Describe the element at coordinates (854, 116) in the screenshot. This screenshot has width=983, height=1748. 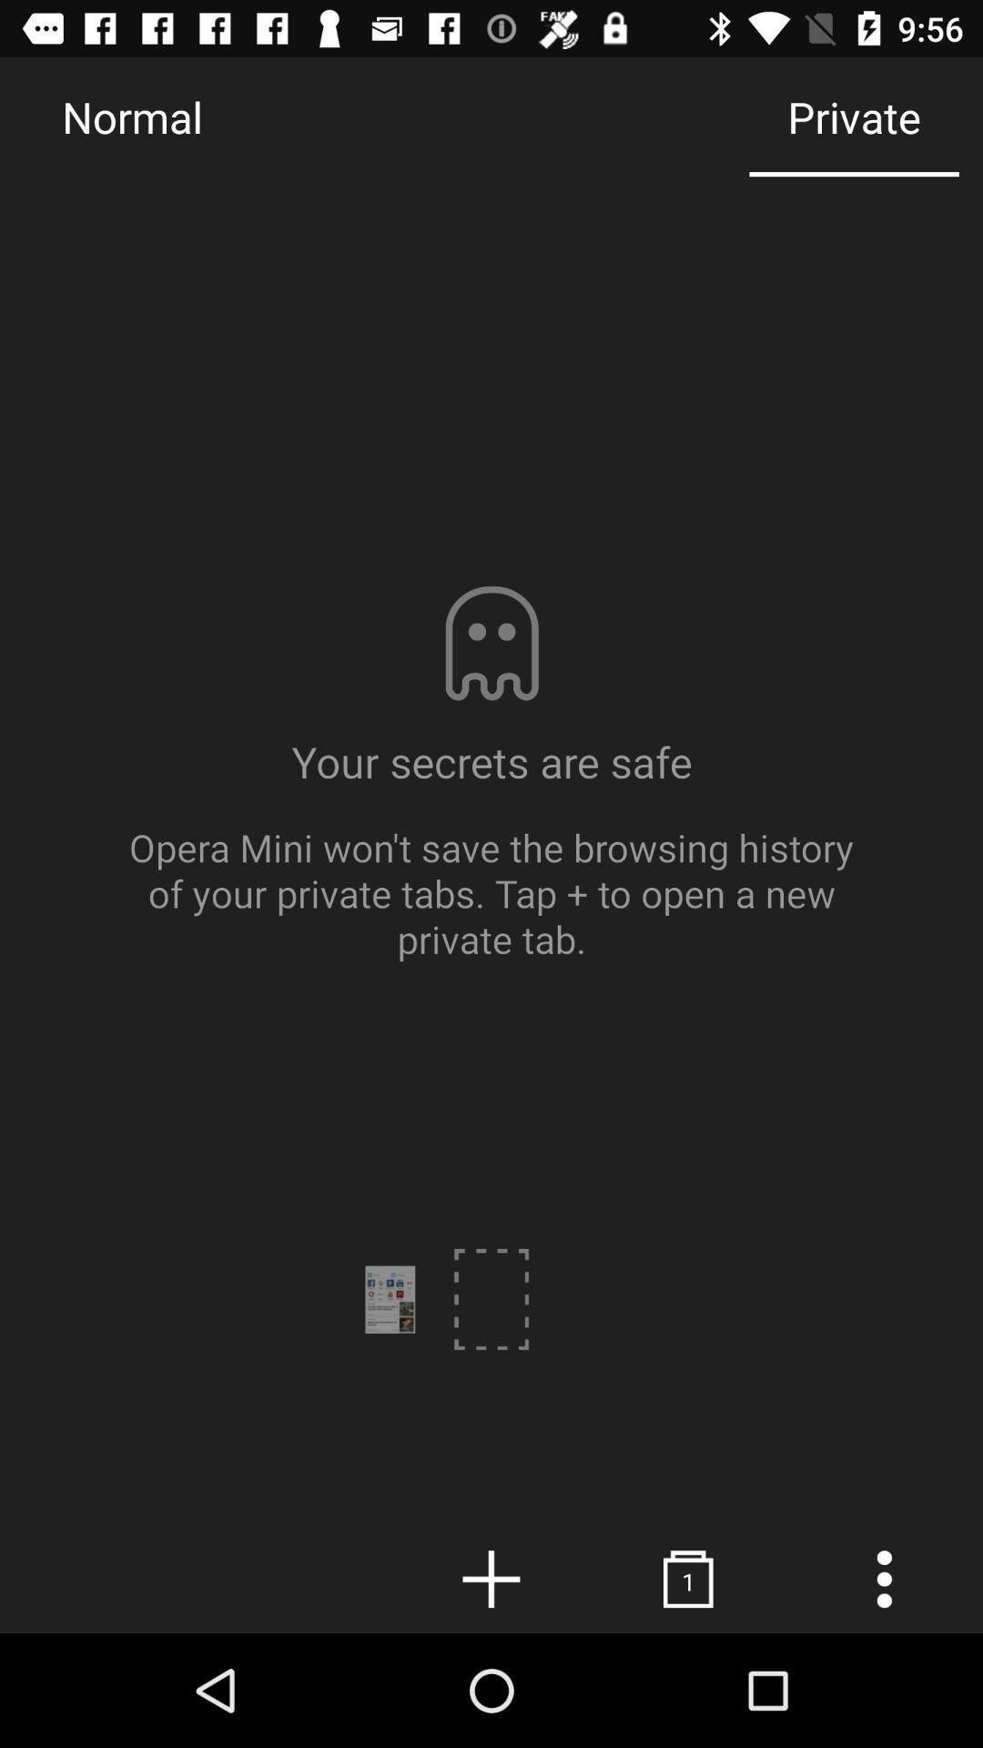
I see `the item at the top right corner` at that location.